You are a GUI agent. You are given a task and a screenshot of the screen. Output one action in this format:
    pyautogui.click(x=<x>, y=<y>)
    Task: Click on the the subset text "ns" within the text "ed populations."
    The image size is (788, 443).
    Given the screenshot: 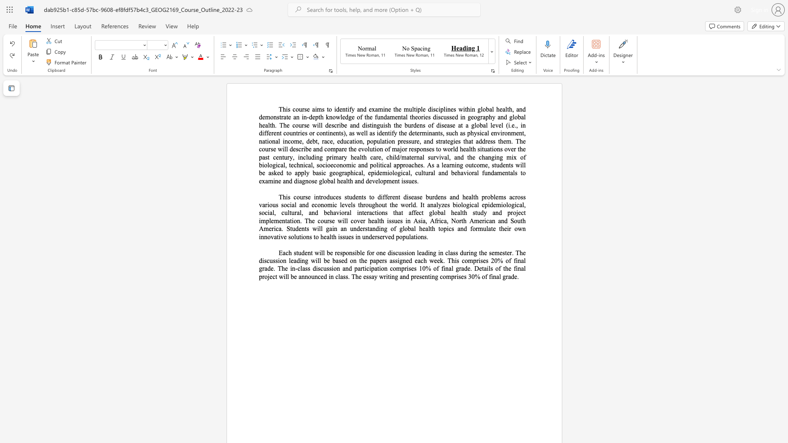 What is the action you would take?
    pyautogui.click(x=421, y=237)
    